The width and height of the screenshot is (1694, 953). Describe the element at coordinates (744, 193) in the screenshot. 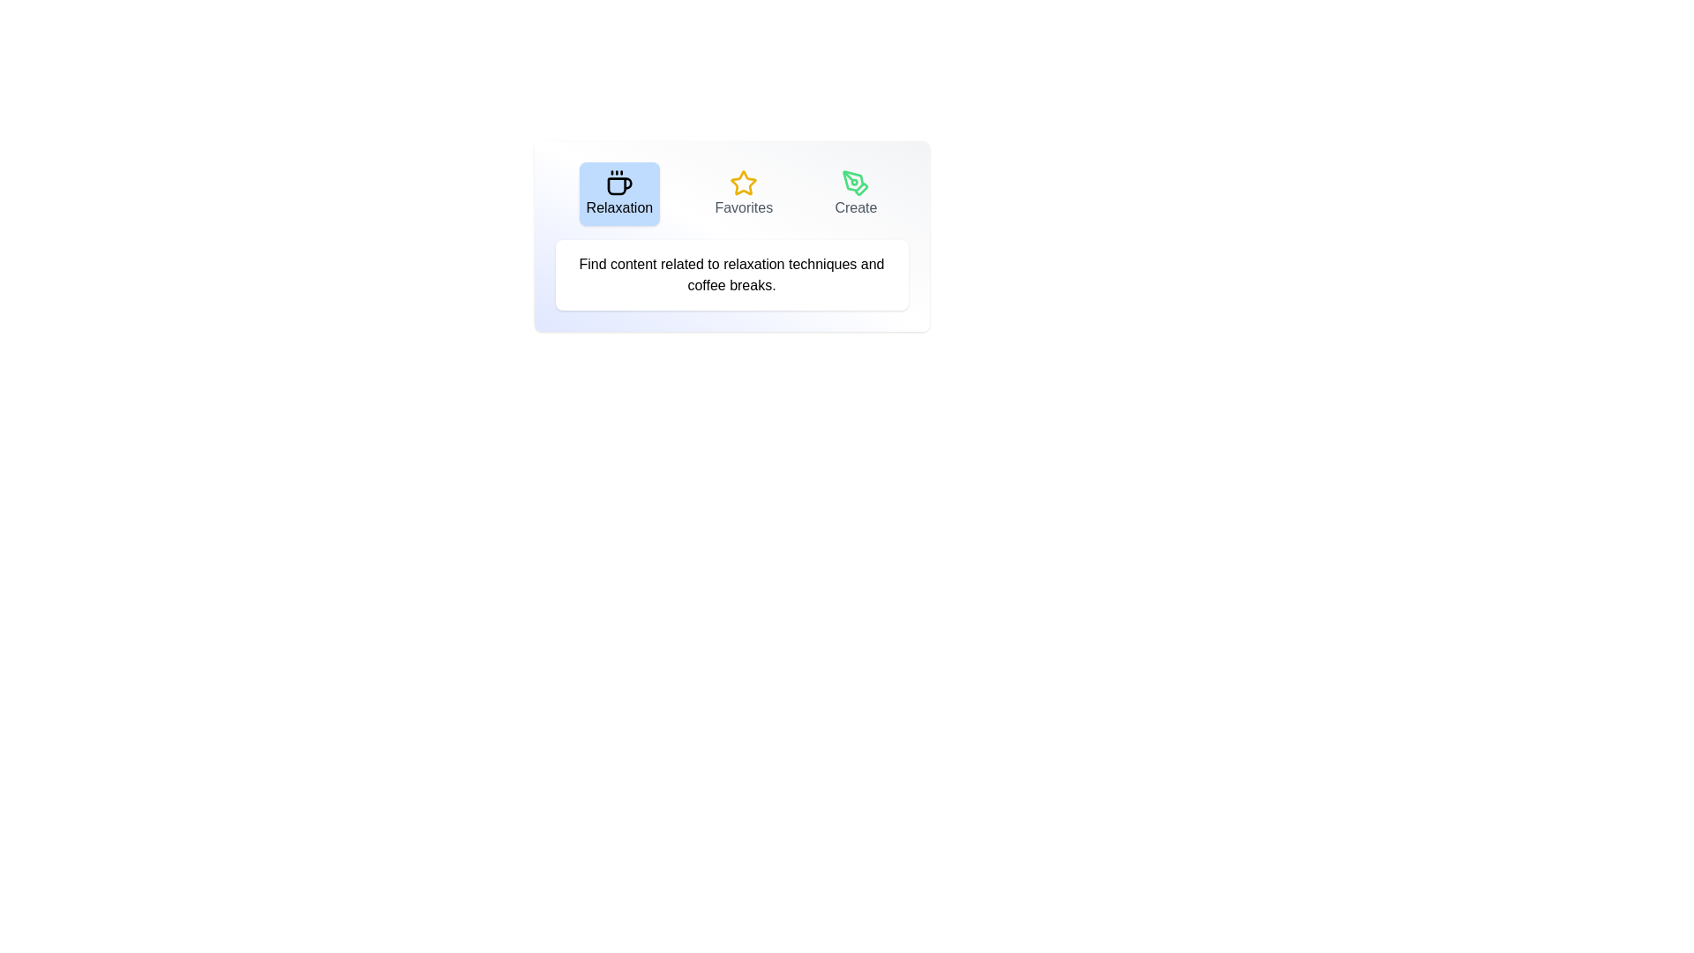

I see `the 'Favorites' tab button to switch to its content` at that location.